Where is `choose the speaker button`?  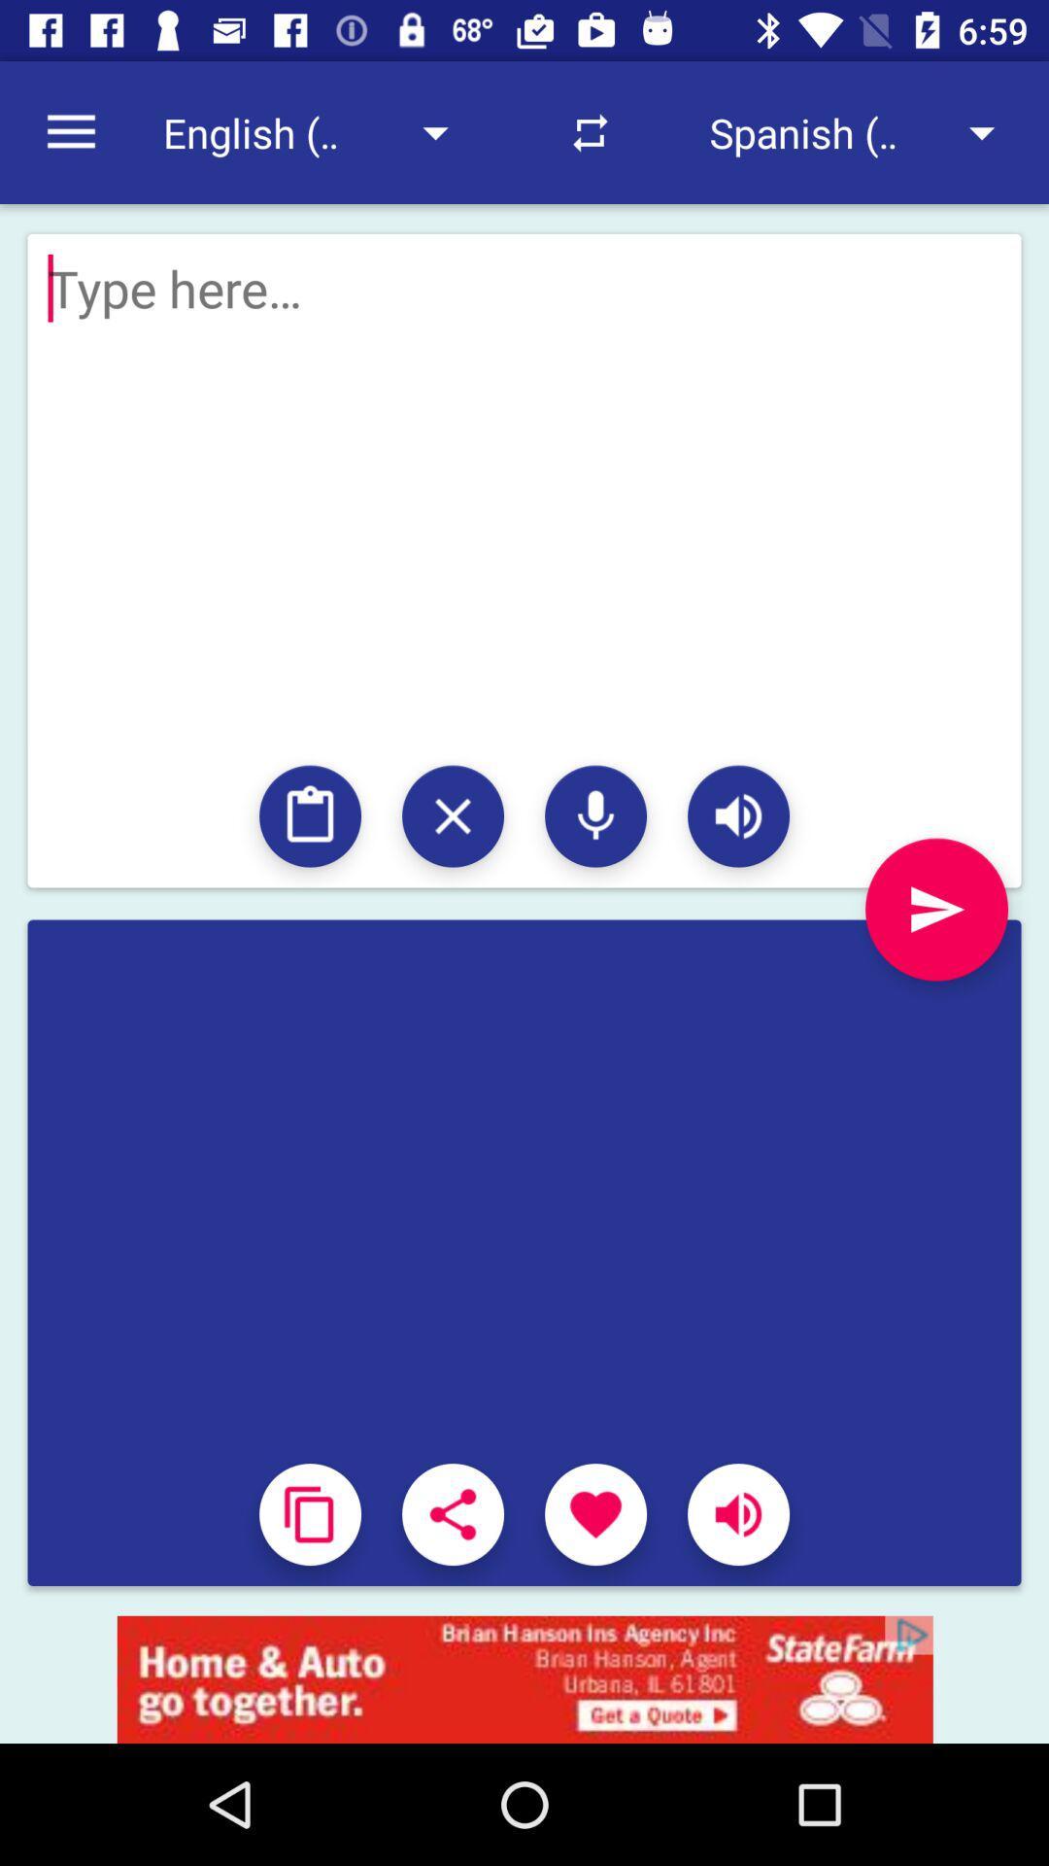 choose the speaker button is located at coordinates (738, 816).